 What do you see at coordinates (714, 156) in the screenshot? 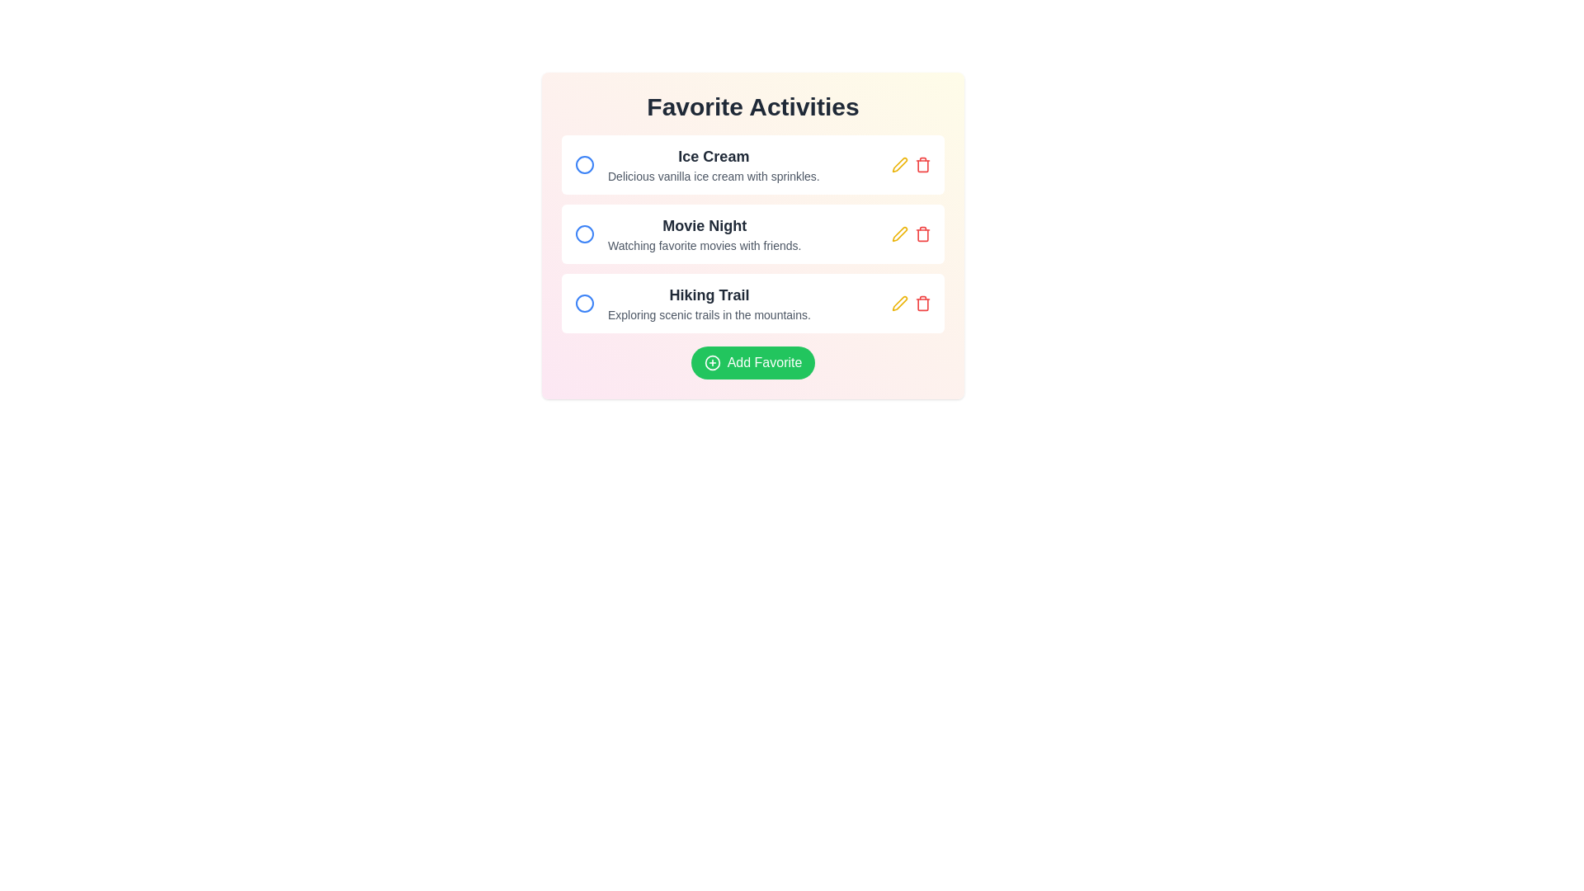
I see `the bold text label displaying 'Ice Cream', which is located at the top part of a content block, above the descriptive text 'Delicious vanilla ice cream with sprinkles.'` at bounding box center [714, 156].